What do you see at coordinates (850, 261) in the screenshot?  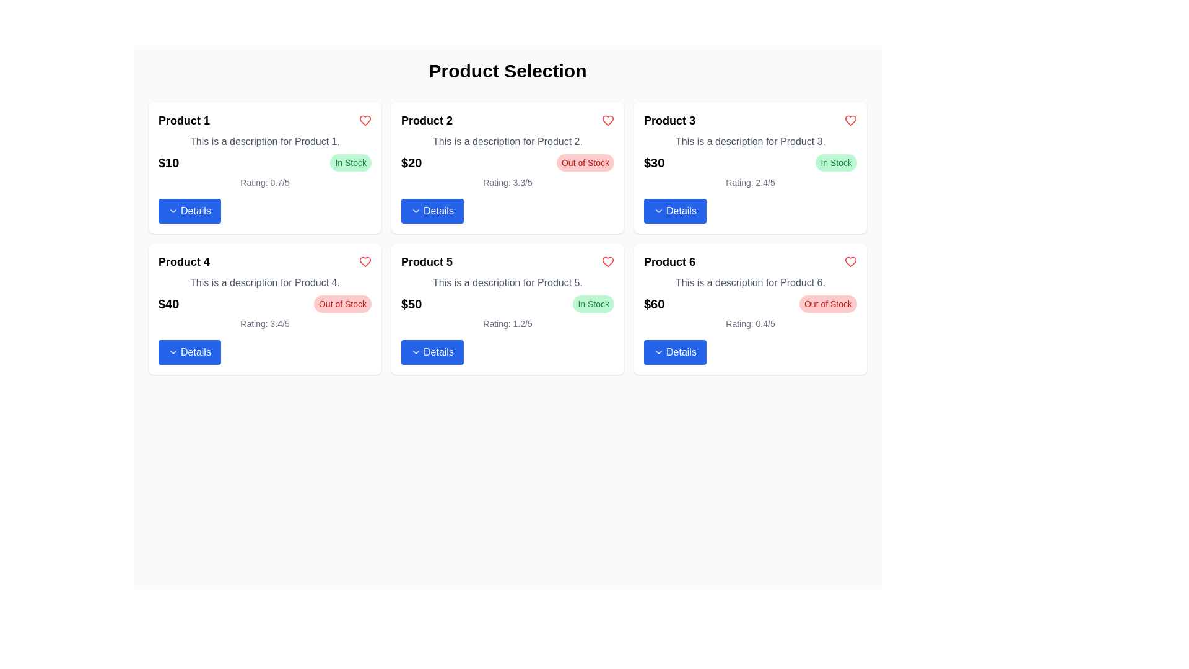 I see `the heart-shaped icon in the upper-right corner of the 'Product 6' card` at bounding box center [850, 261].